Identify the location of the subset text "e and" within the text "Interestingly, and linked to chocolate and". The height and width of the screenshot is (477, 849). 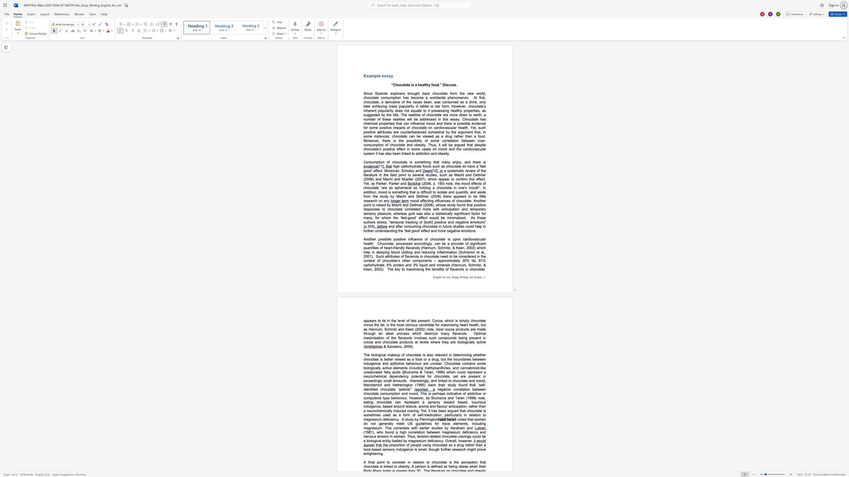
(465, 381).